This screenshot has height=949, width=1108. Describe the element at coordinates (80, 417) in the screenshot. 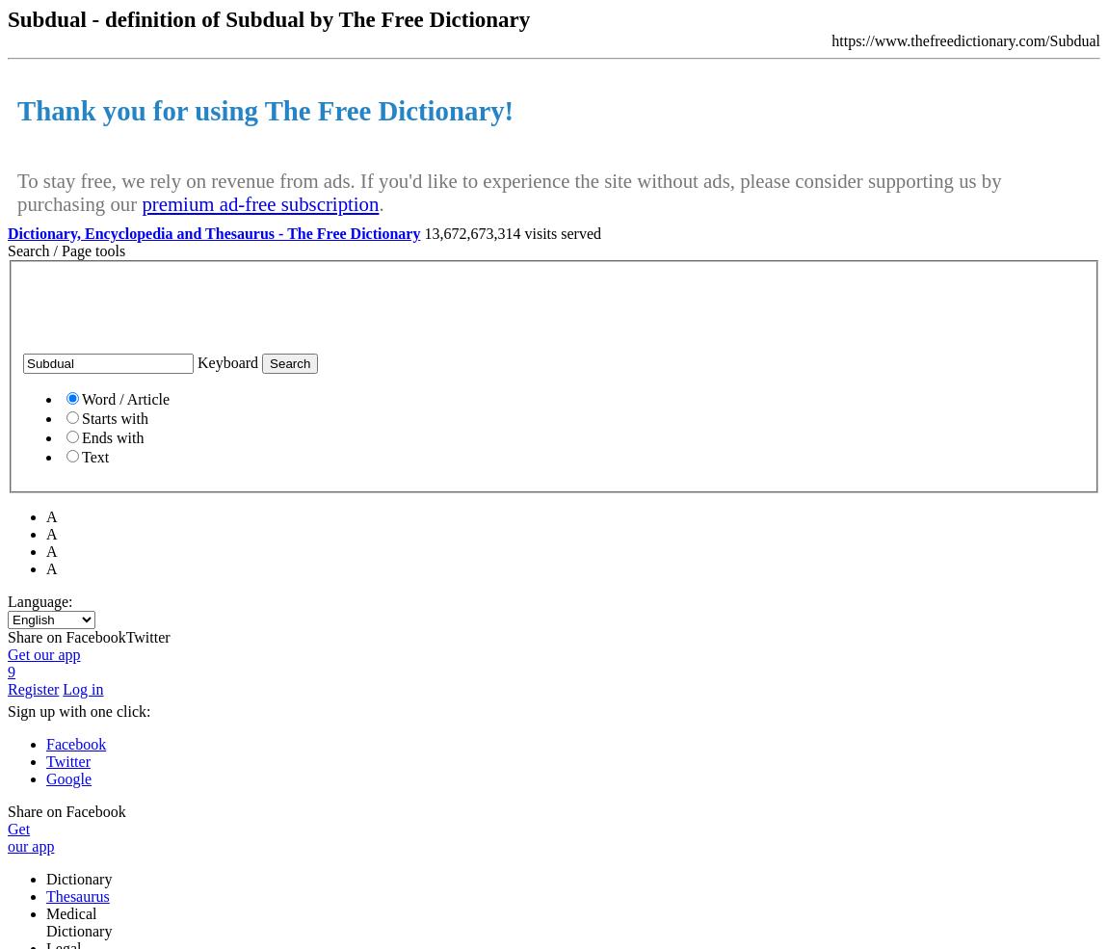

I see `'Starts with'` at that location.